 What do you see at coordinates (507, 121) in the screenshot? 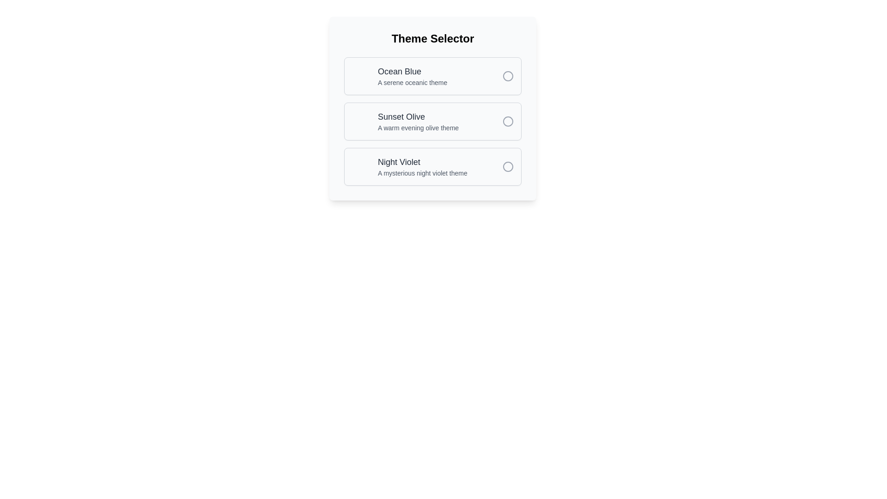
I see `the radio button for the 'Sunset Olive' theme selection located on the far right of the 'Sunset Olive' section in the theme selector` at bounding box center [507, 121].